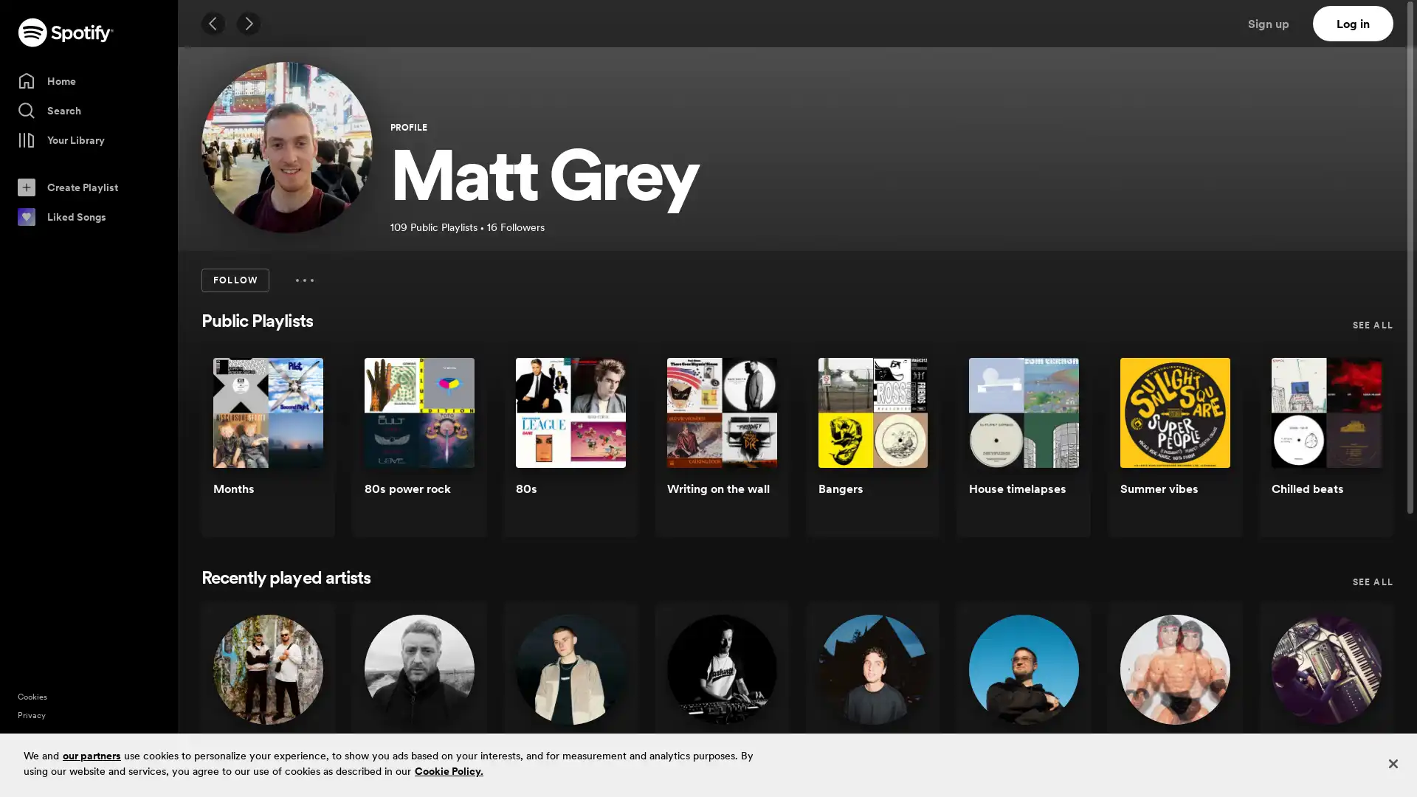 The width and height of the screenshot is (1417, 797). Describe the element at coordinates (1357, 449) in the screenshot. I see `Play Chilled beats` at that location.